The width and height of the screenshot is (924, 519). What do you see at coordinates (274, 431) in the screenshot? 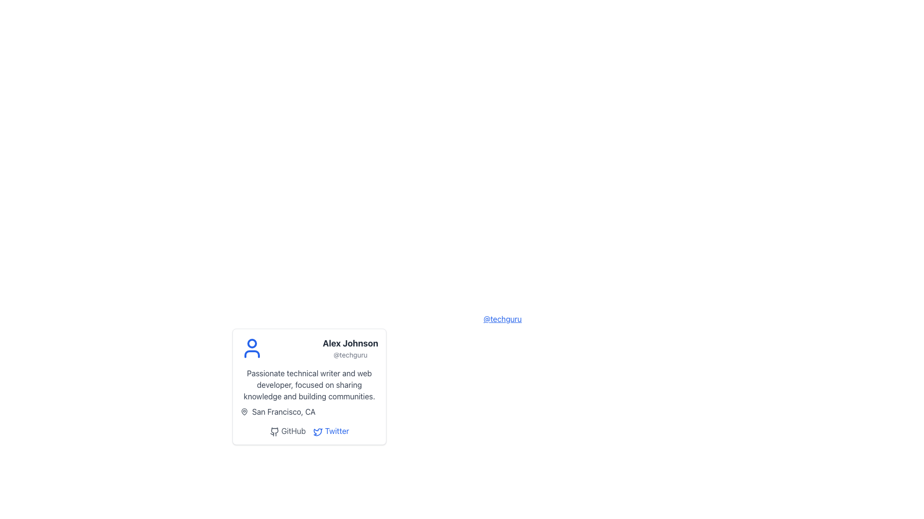
I see `the GitHub icon located in the bottom-left corner of the main layout to follow the hyperlink to GitHub's website` at bounding box center [274, 431].